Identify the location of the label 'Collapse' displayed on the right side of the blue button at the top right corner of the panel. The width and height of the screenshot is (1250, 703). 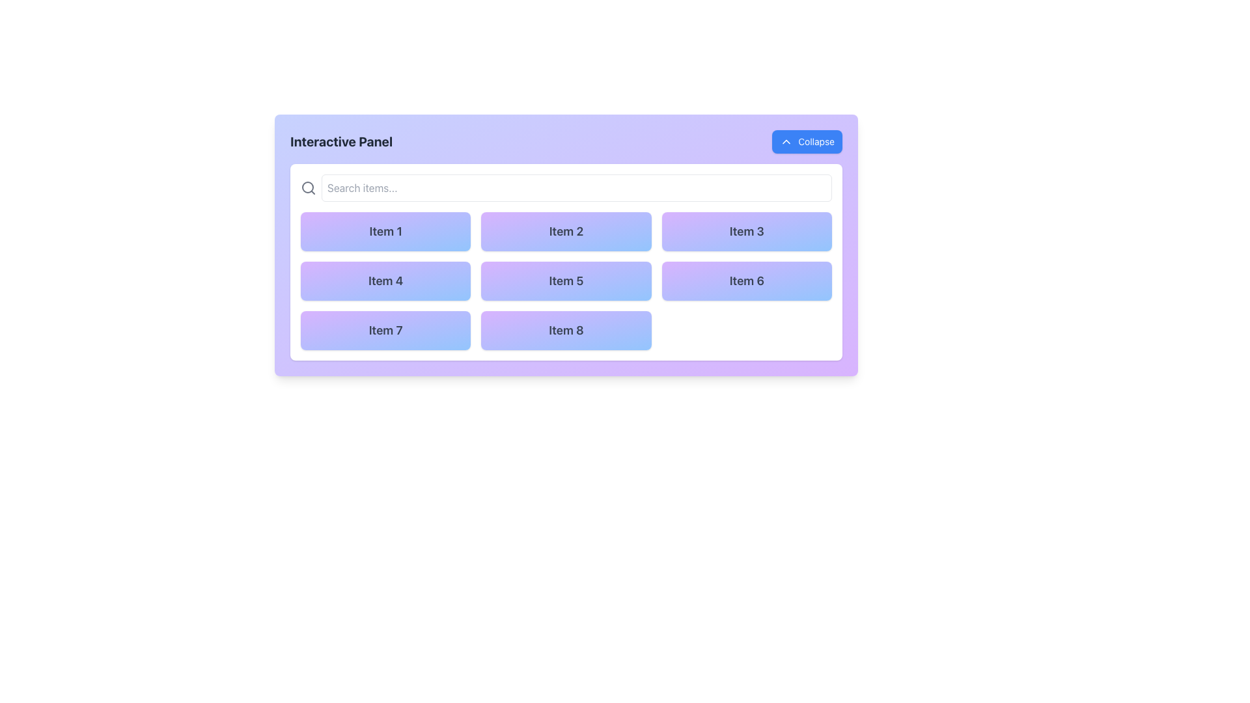
(816, 142).